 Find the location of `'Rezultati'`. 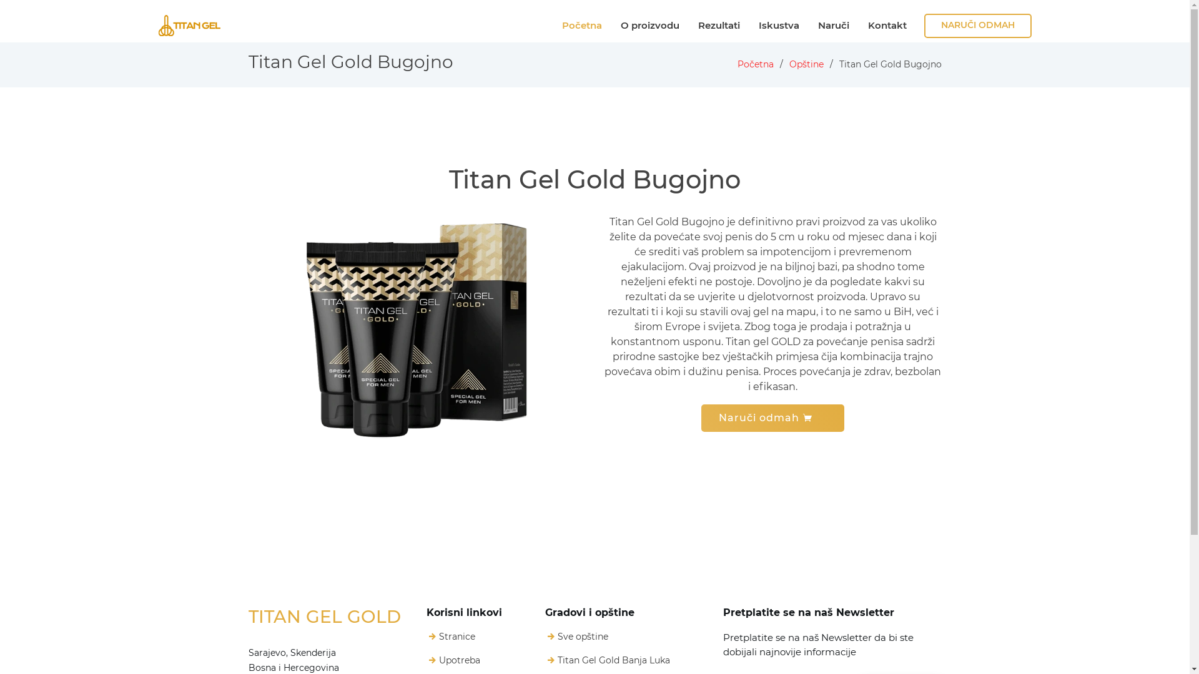

'Rezultati' is located at coordinates (695, 26).